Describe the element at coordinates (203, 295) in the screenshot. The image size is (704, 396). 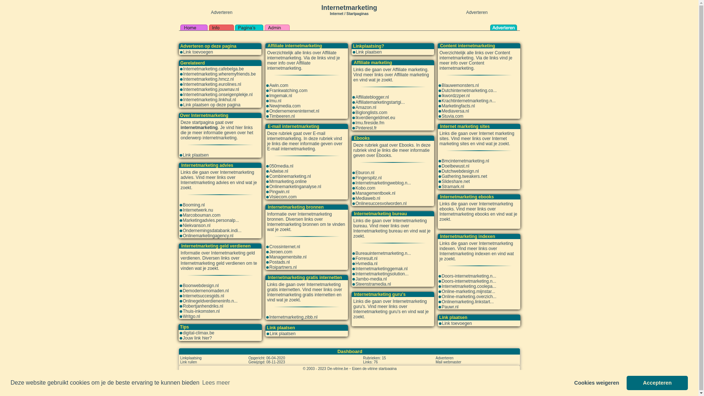
I see `'Internetsuccesgids.nl'` at that location.